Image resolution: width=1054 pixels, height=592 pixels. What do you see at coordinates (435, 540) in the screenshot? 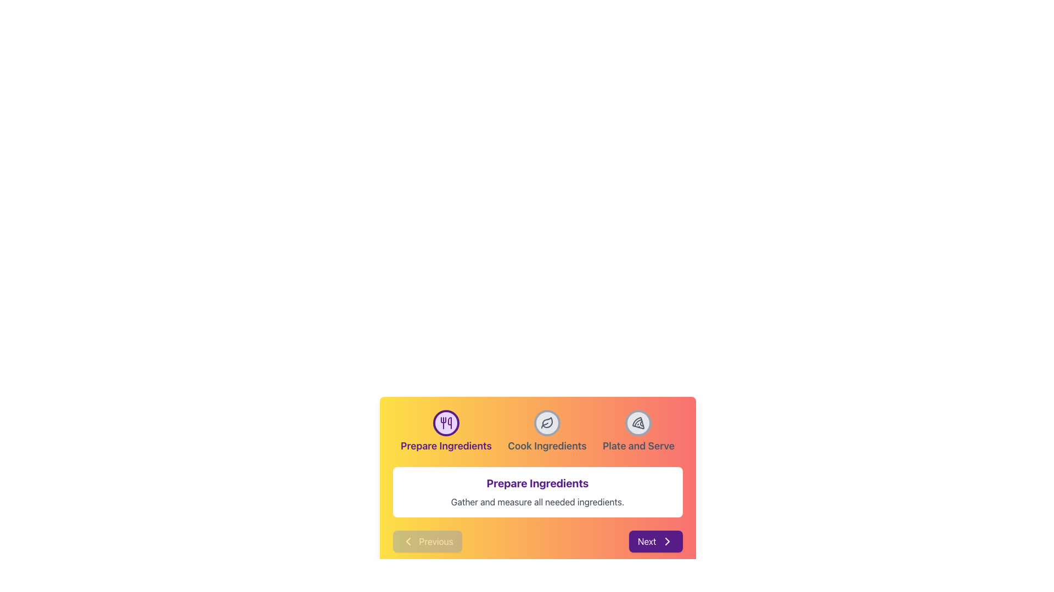
I see `text label that is positioned within the 'Previous' navigation button, which is located centrally inside the button layout next to a left-pointing chevron icon` at bounding box center [435, 540].